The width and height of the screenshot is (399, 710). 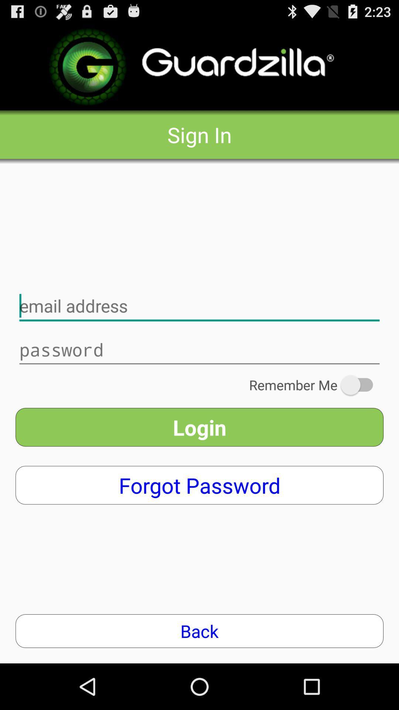 What do you see at coordinates (199, 306) in the screenshot?
I see `email address` at bounding box center [199, 306].